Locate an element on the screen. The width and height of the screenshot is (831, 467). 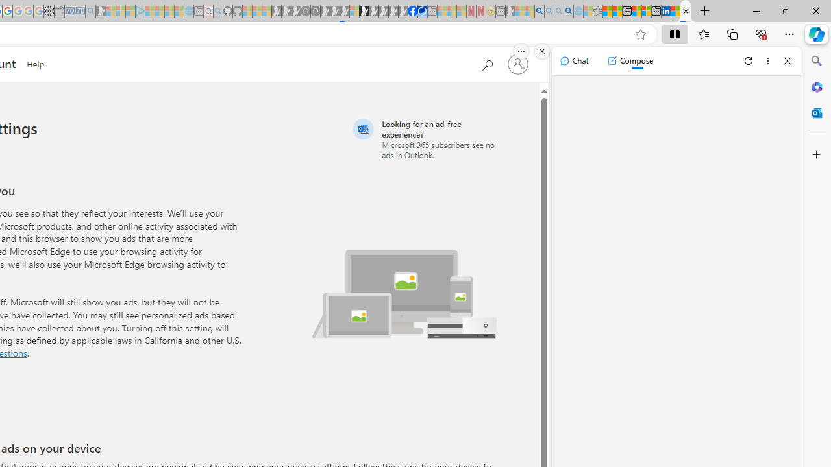
'Close split screen.' is located at coordinates (542, 51).